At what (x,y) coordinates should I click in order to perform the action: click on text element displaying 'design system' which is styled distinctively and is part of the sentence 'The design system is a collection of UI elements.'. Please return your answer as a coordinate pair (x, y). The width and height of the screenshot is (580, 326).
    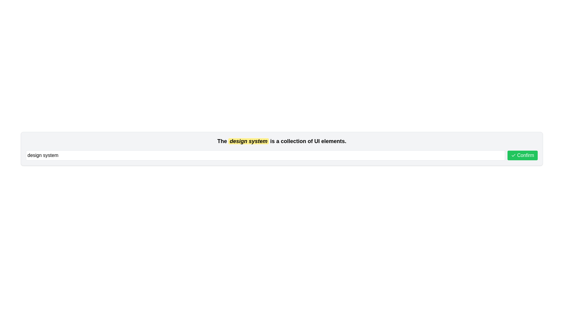
    Looking at the image, I should click on (248, 141).